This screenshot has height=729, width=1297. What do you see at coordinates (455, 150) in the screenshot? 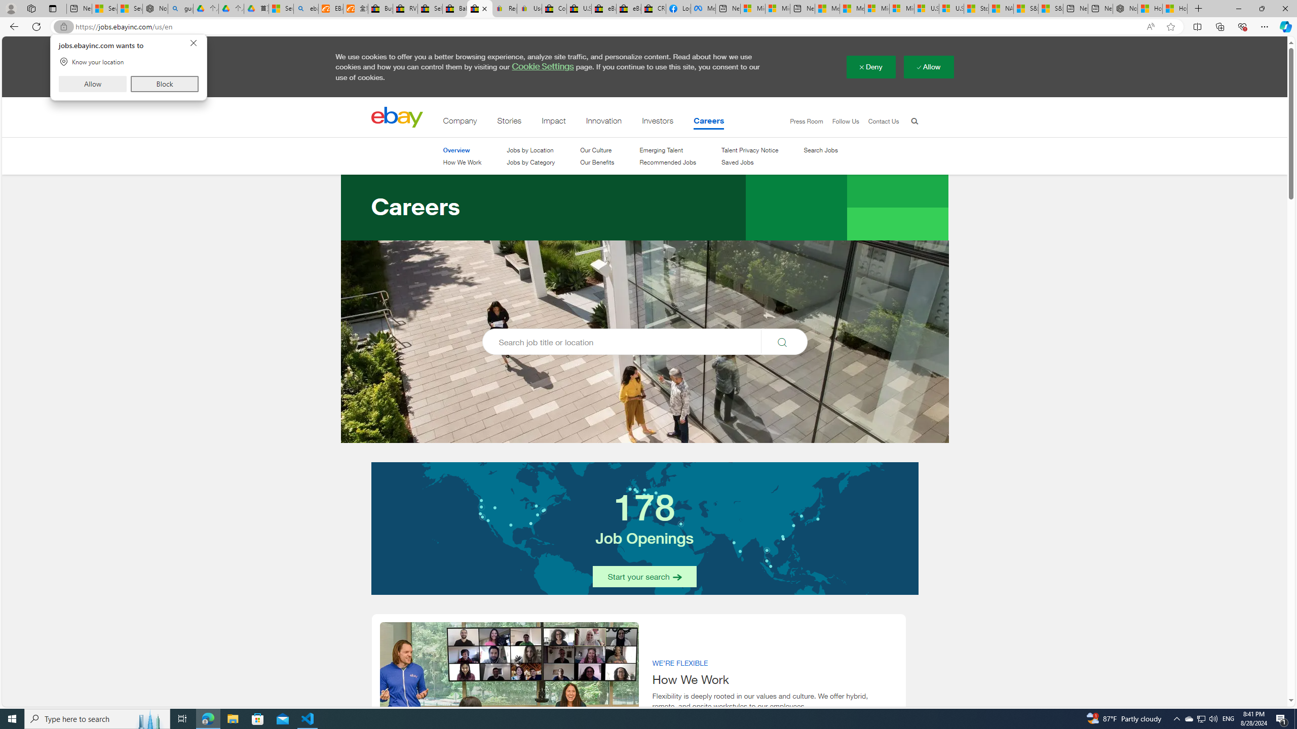
I see `'Overview'` at bounding box center [455, 150].